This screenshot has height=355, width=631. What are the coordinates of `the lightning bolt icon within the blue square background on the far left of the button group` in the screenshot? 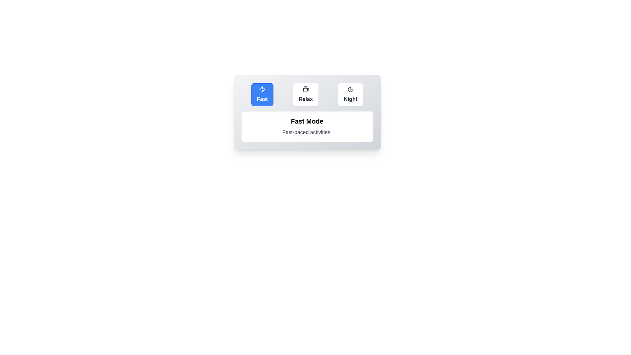 It's located at (262, 89).